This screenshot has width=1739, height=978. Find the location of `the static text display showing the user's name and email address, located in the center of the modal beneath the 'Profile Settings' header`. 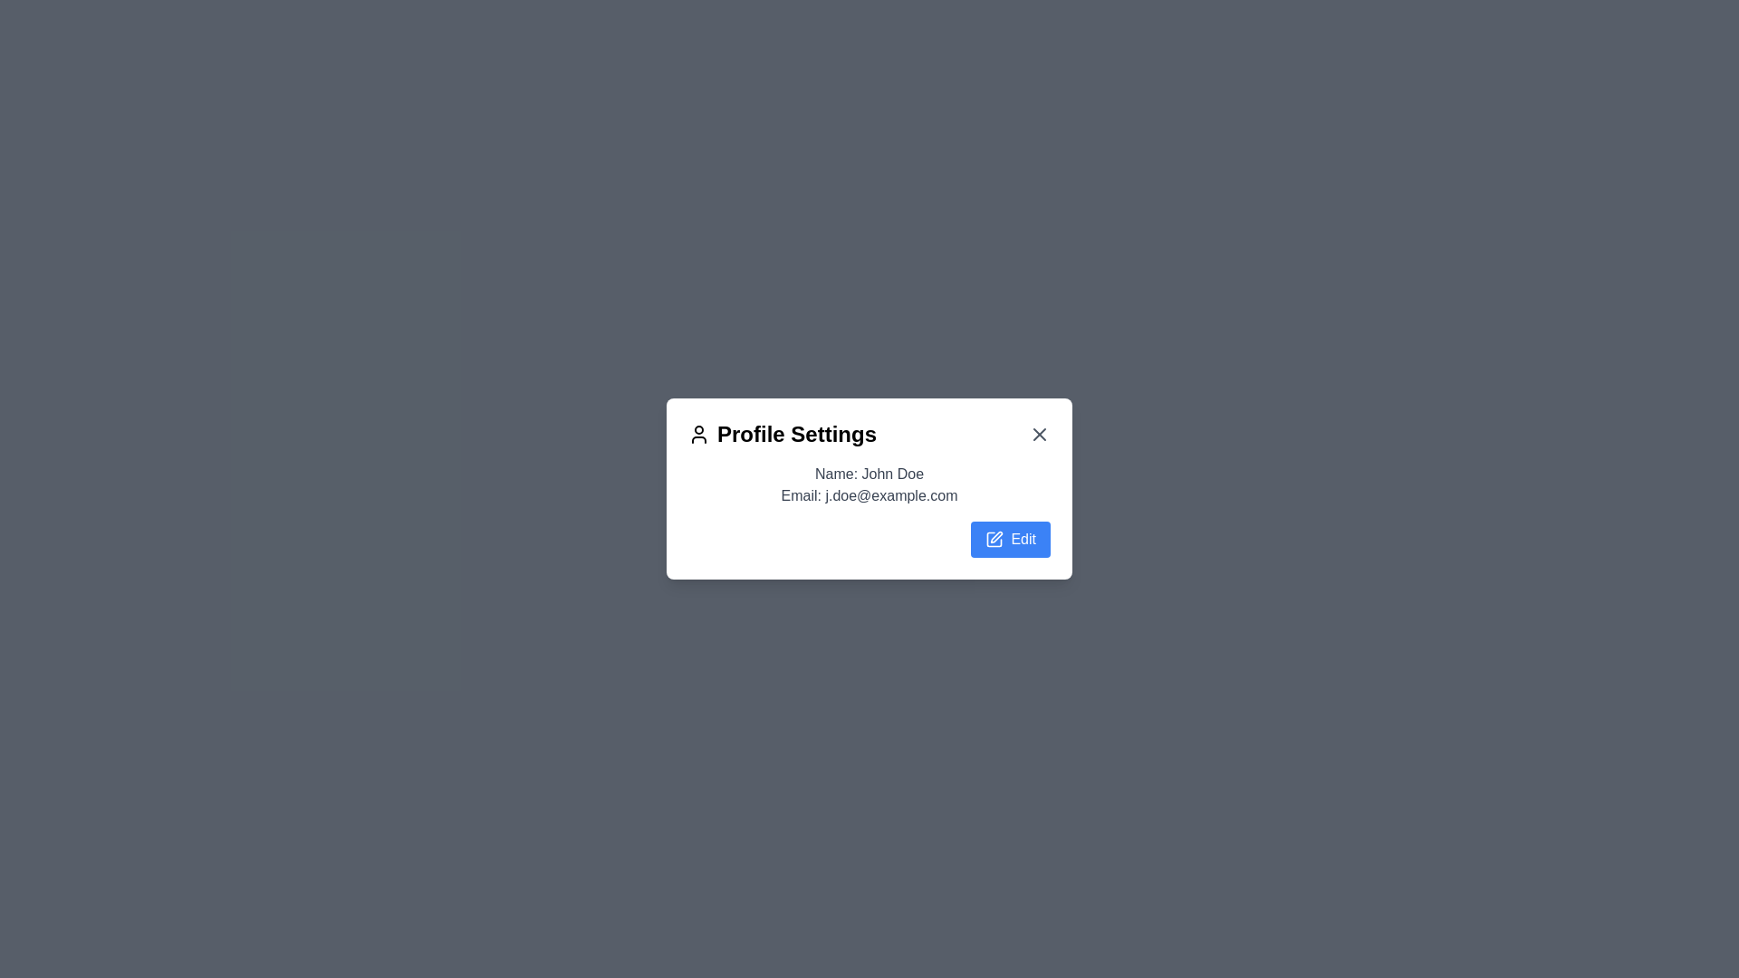

the static text display showing the user's name and email address, located in the center of the modal beneath the 'Profile Settings' header is located at coordinates (869, 484).